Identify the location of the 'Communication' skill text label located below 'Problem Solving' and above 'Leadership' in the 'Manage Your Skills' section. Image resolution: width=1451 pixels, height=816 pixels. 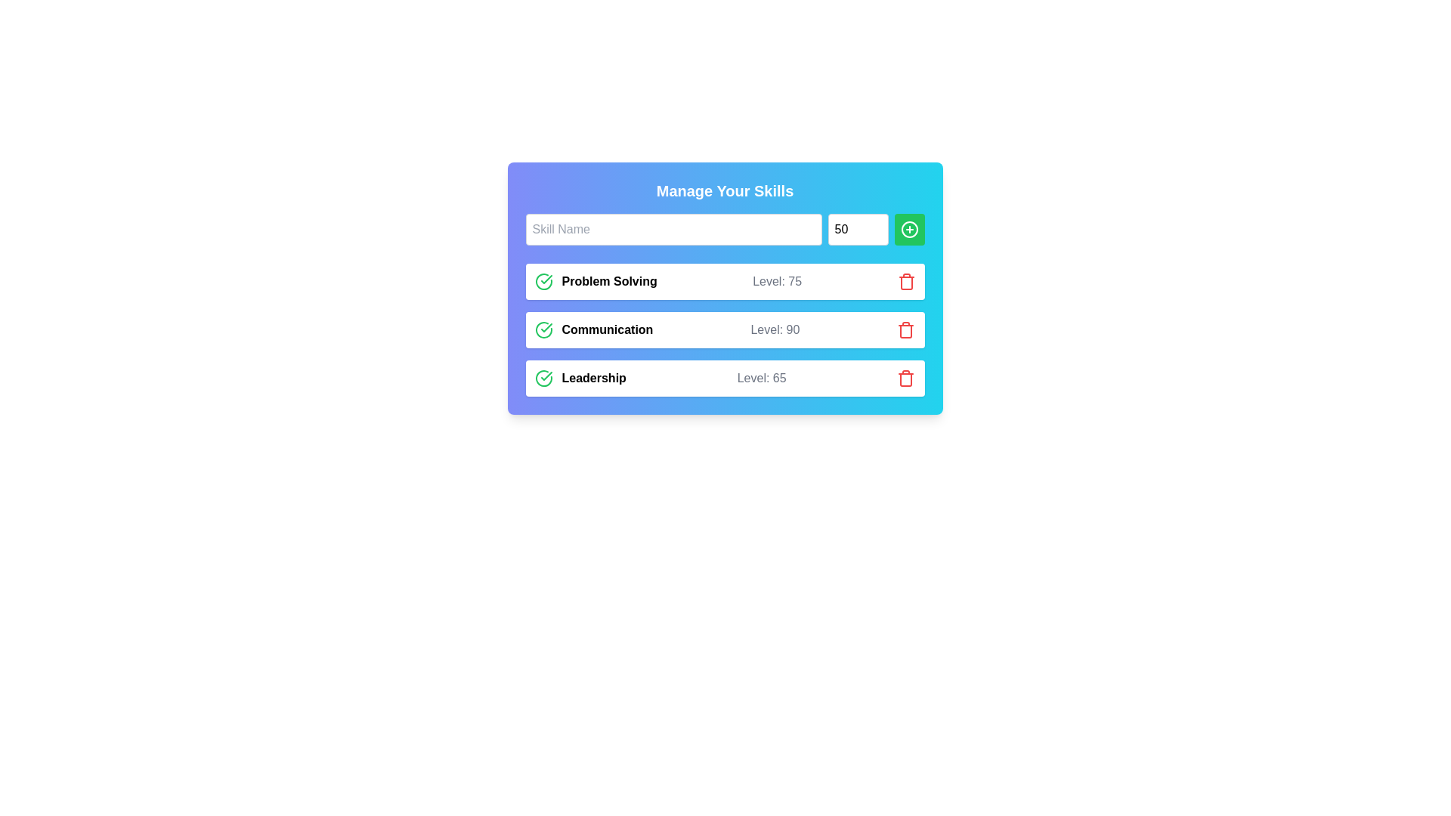
(592, 329).